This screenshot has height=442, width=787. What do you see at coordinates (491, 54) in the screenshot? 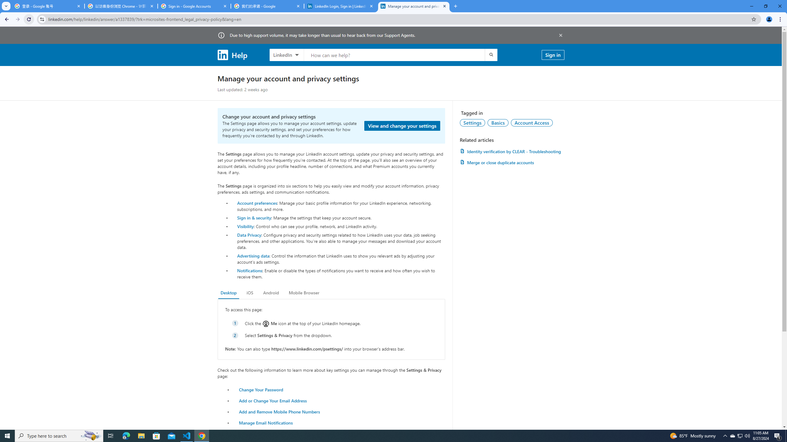
I see `'Submit search'` at bounding box center [491, 54].